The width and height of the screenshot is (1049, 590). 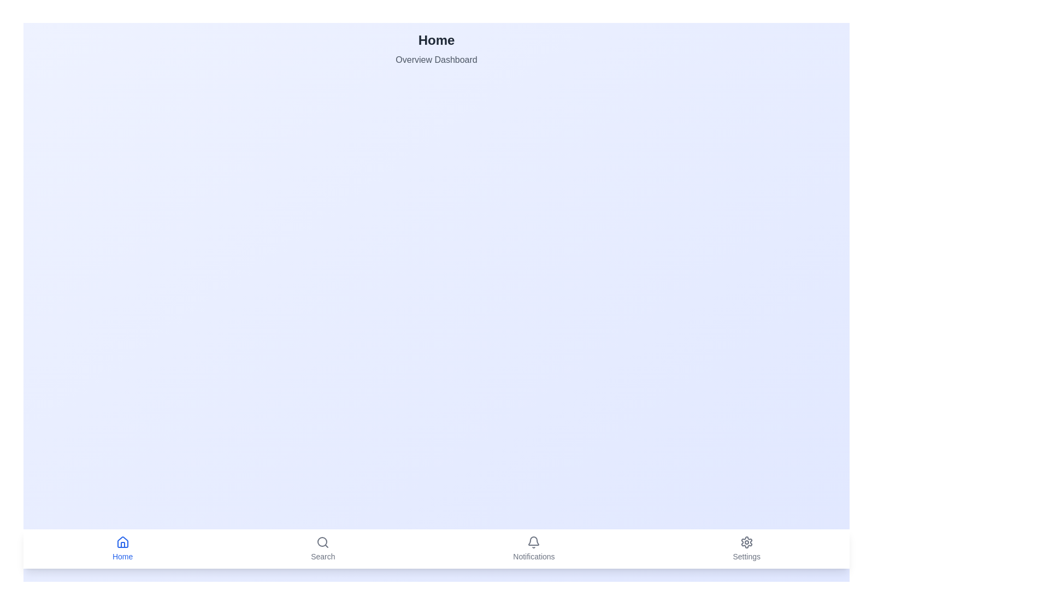 What do you see at coordinates (746, 549) in the screenshot?
I see `the Settings tab in the bottom navigation bar` at bounding box center [746, 549].